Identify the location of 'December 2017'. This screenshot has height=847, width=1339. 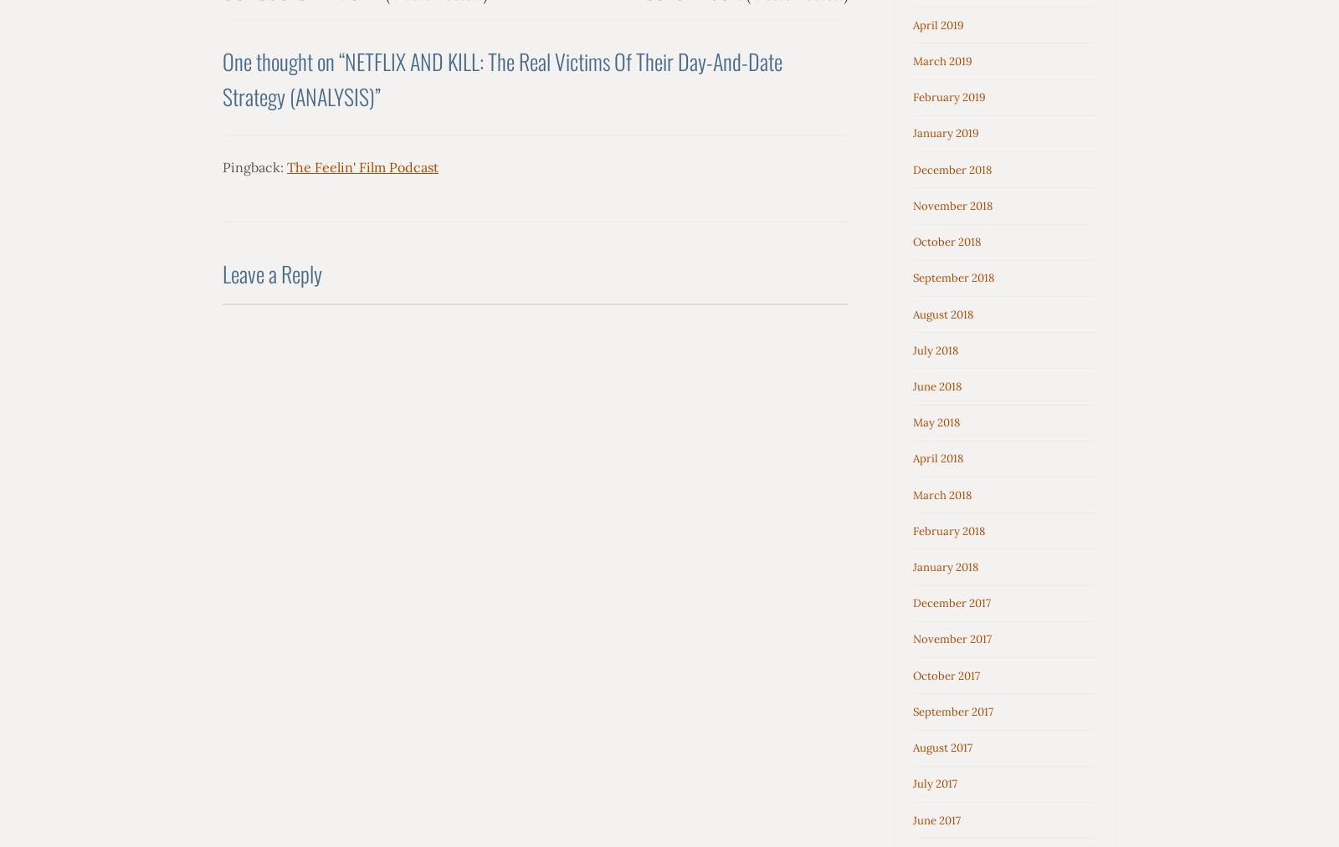
(952, 603).